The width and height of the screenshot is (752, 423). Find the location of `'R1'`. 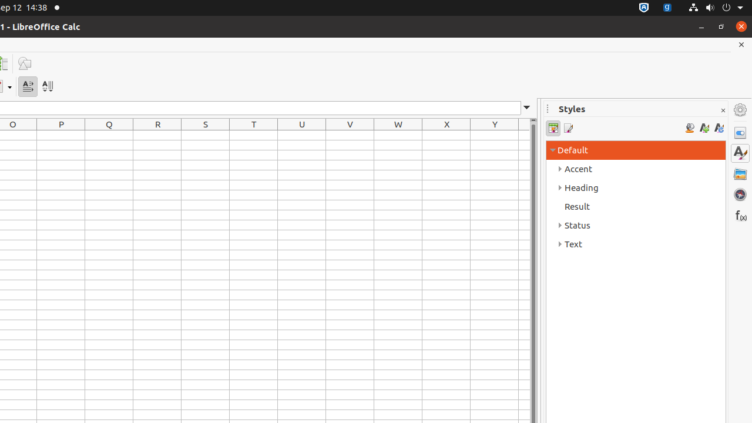

'R1' is located at coordinates (157, 135).